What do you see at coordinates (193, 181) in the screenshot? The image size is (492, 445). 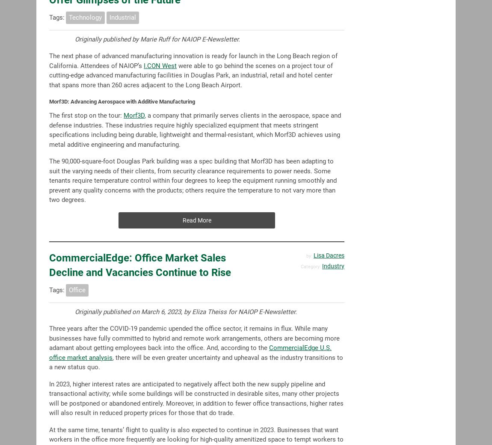 I see `'The 90,000-square-foot Douglas Park building was a spec building that Morf3D has been adapting to suit the varying needs of their clients, from security clearance requirements to power needs. Some tenants require temperature control within four degrees to keep the equipment running smoothly and prevent any quality concerns with the products; others require the temperature to not vary more than two degrees.'` at bounding box center [193, 181].